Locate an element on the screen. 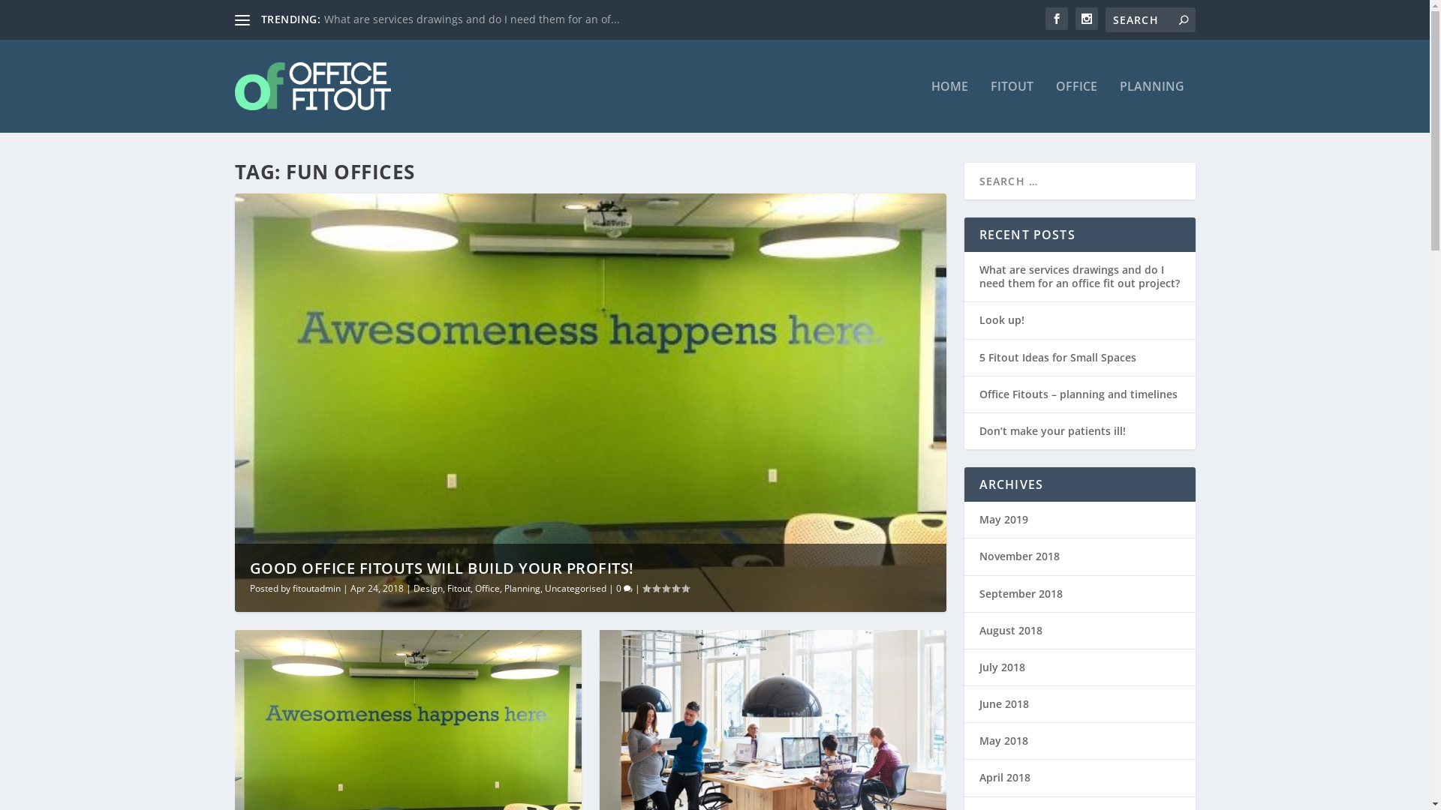  'PLANNING' is located at coordinates (1151, 106).